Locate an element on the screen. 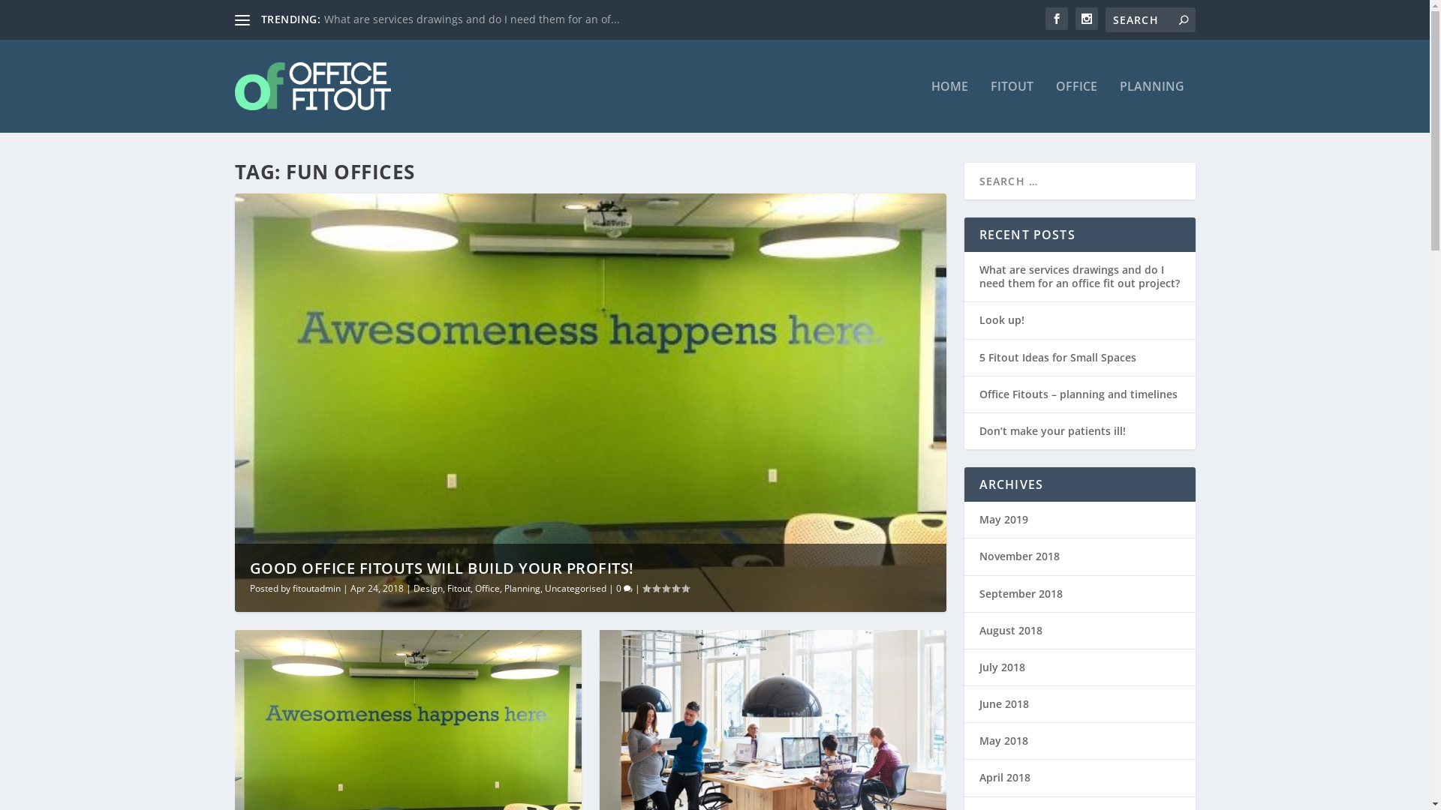  'PLANNING' is located at coordinates (1151, 106).